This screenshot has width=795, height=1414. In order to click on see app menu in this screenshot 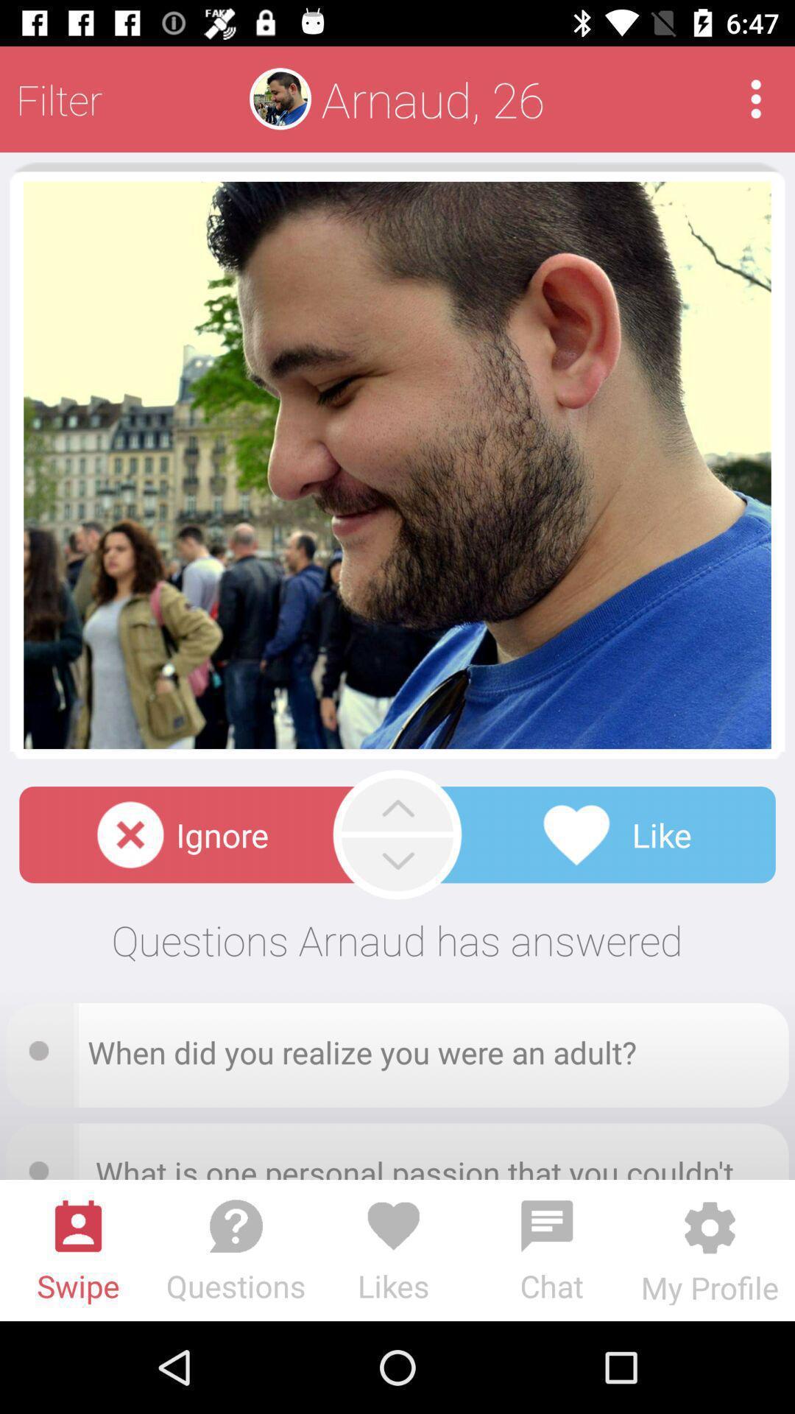, I will do `click(756, 98)`.